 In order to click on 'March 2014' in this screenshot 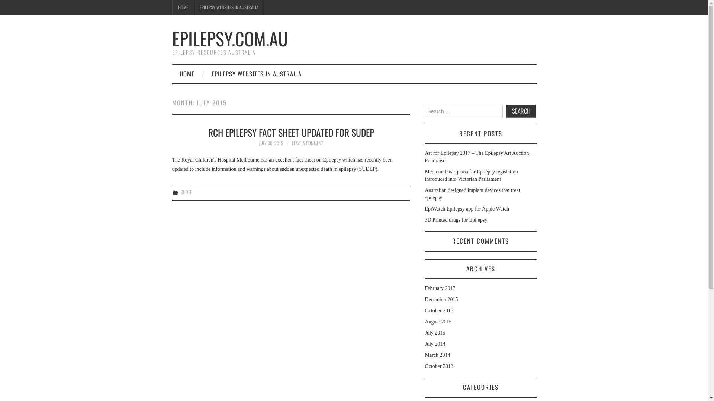, I will do `click(437, 355)`.